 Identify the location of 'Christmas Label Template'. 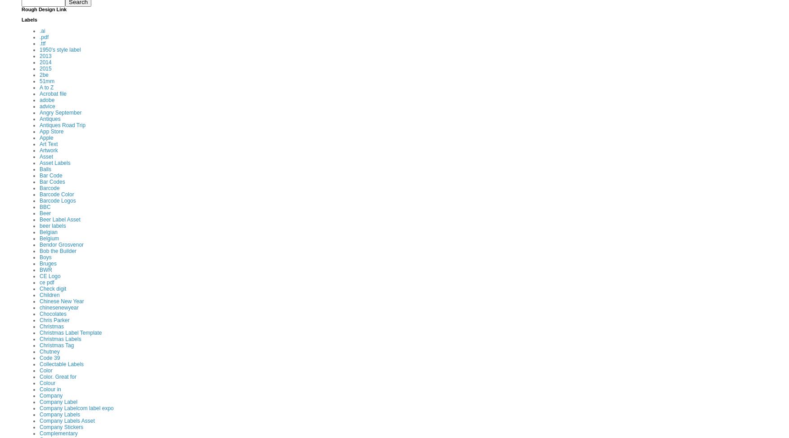
(70, 332).